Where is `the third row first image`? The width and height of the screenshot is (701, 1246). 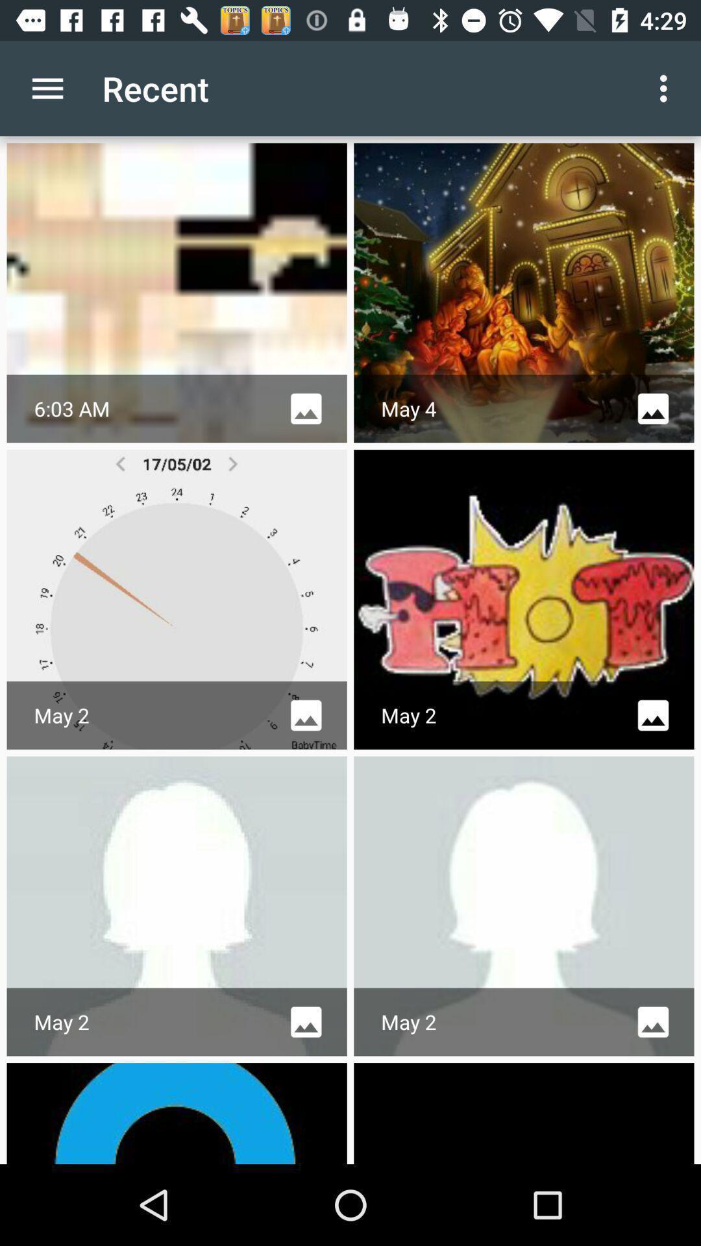 the third row first image is located at coordinates (177, 905).